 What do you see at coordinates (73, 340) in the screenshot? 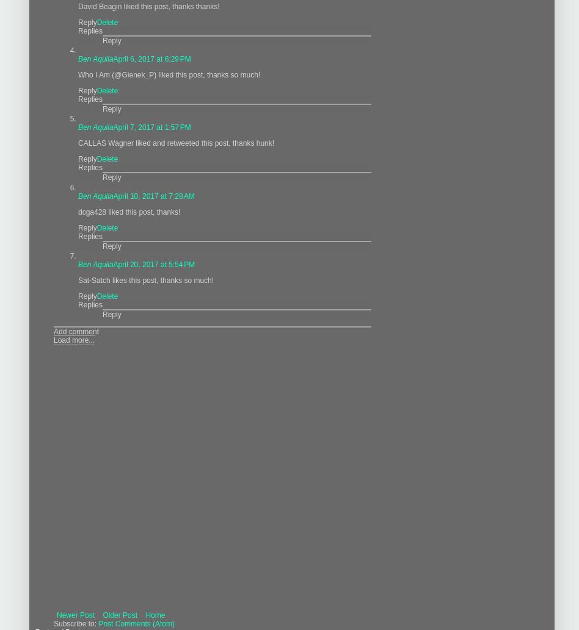
I see `'Load more...'` at bounding box center [73, 340].